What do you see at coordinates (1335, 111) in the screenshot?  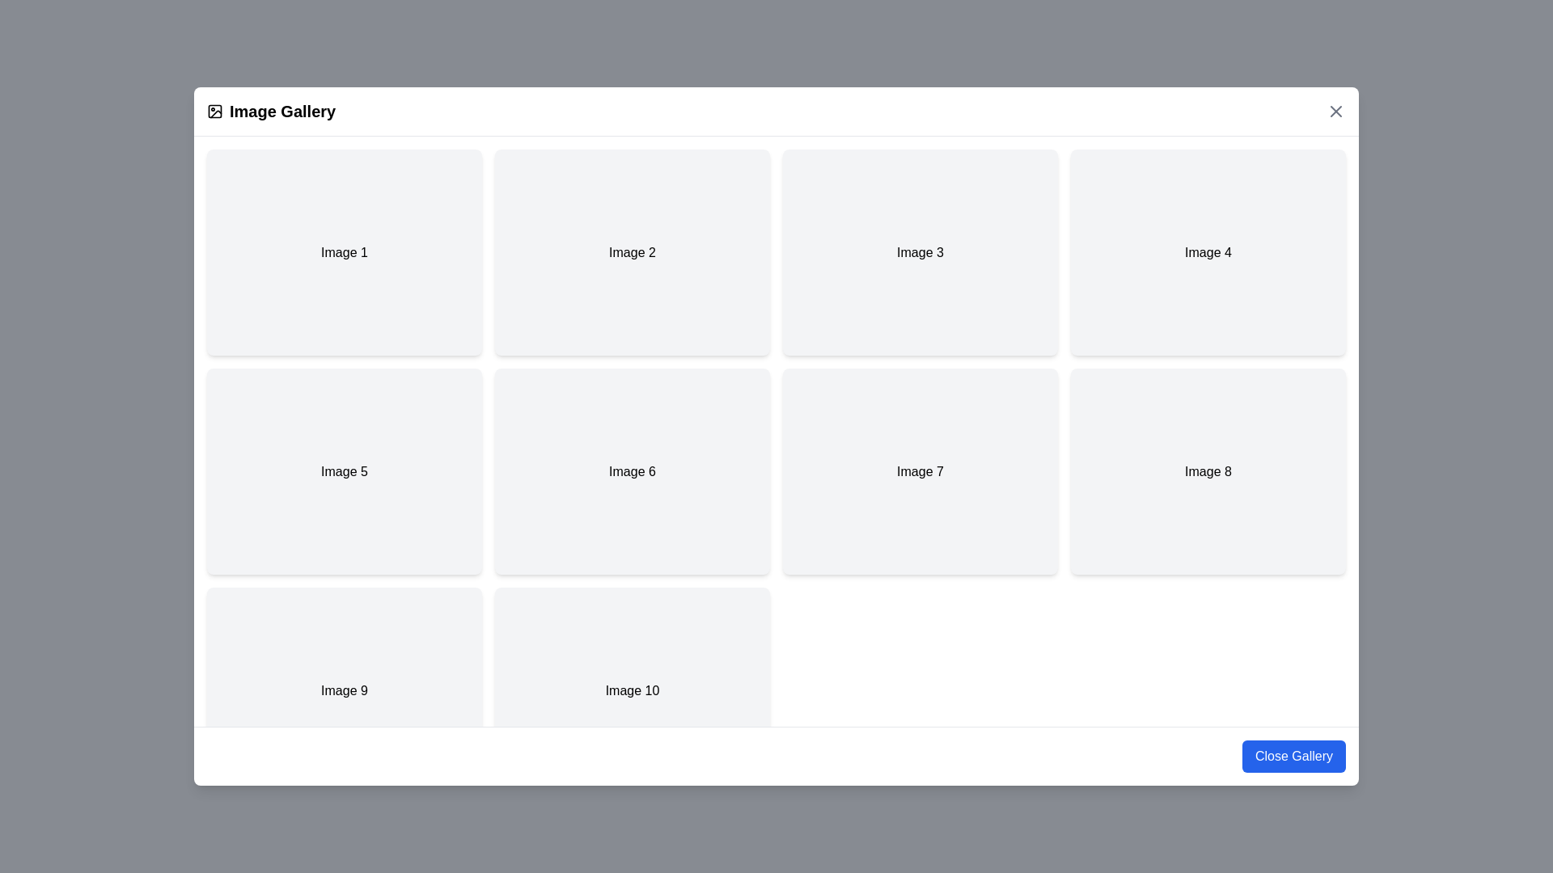 I see `the X button to close the gallery` at bounding box center [1335, 111].